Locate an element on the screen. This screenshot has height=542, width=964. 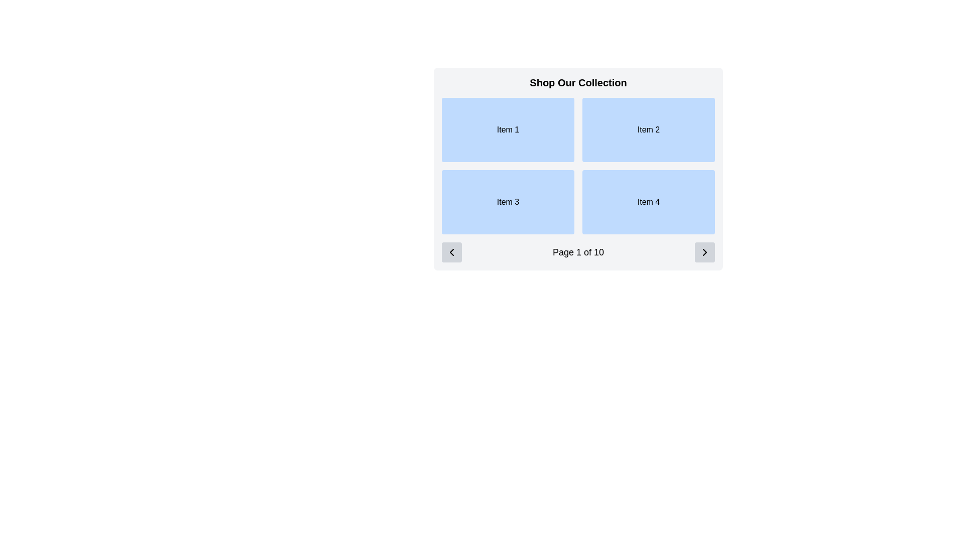
the text element displaying 'Page 1 of 10' located at the bottom of the 'Shop Our Collection' section is located at coordinates (578, 251).